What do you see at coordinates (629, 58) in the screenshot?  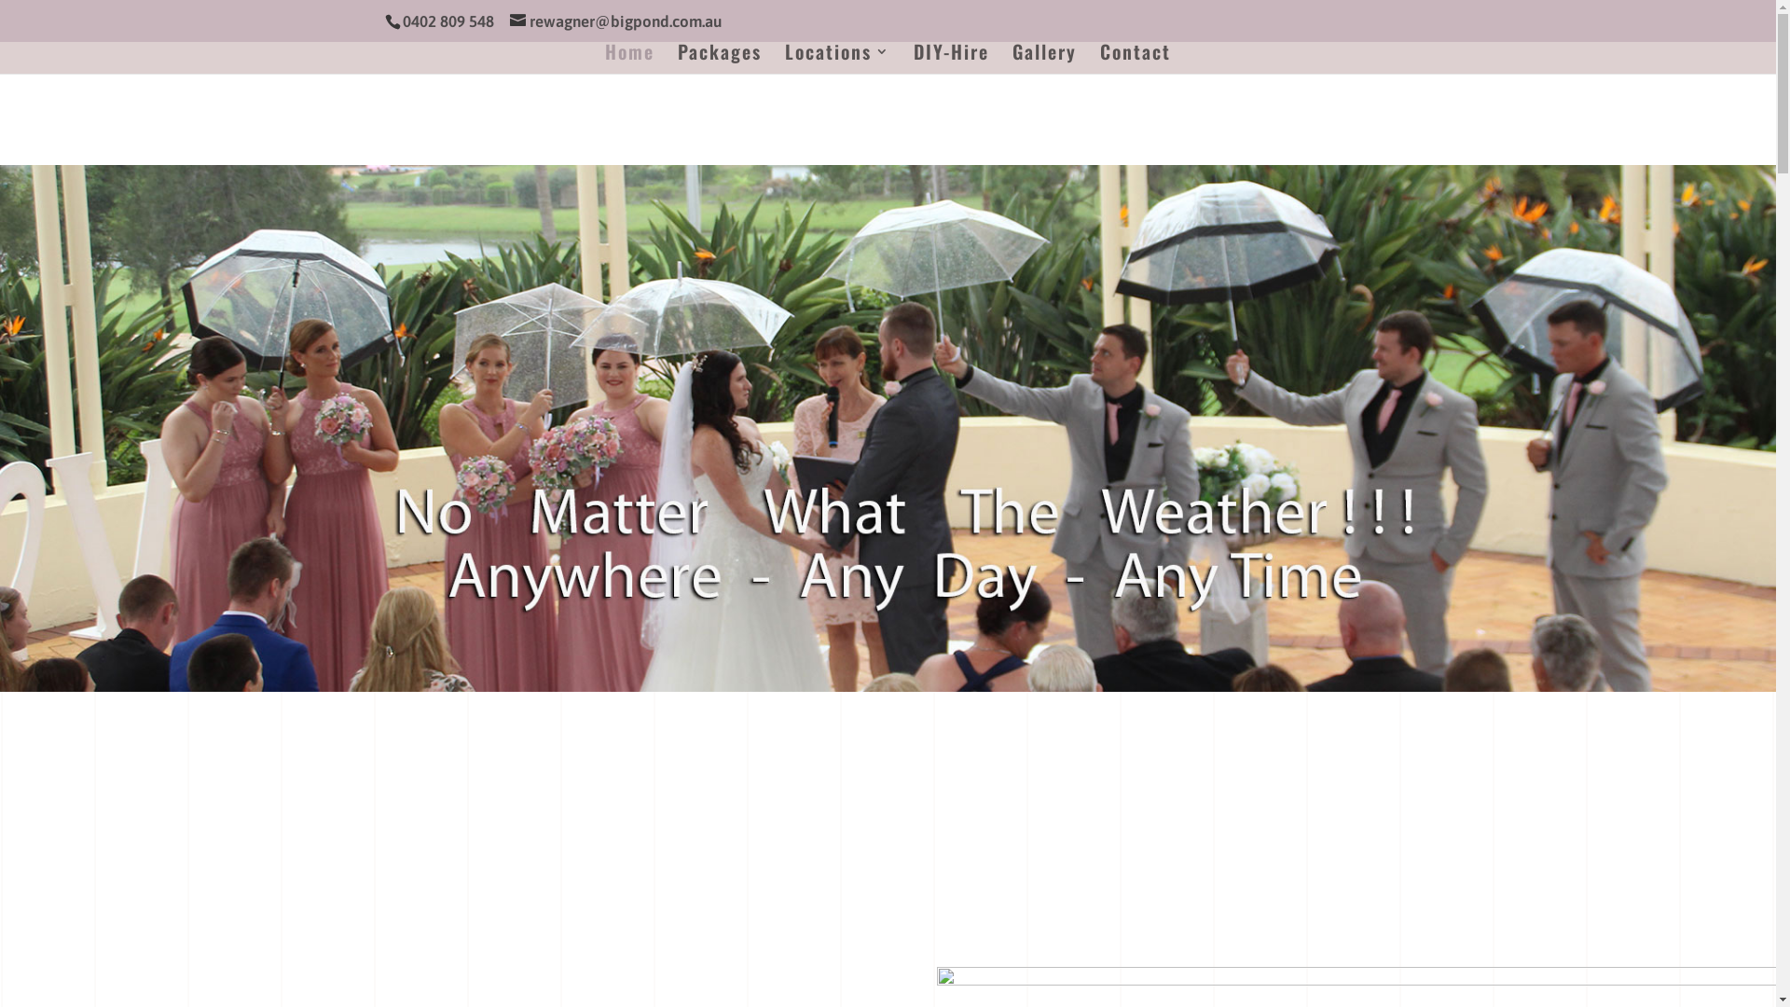 I see `'Home'` at bounding box center [629, 58].